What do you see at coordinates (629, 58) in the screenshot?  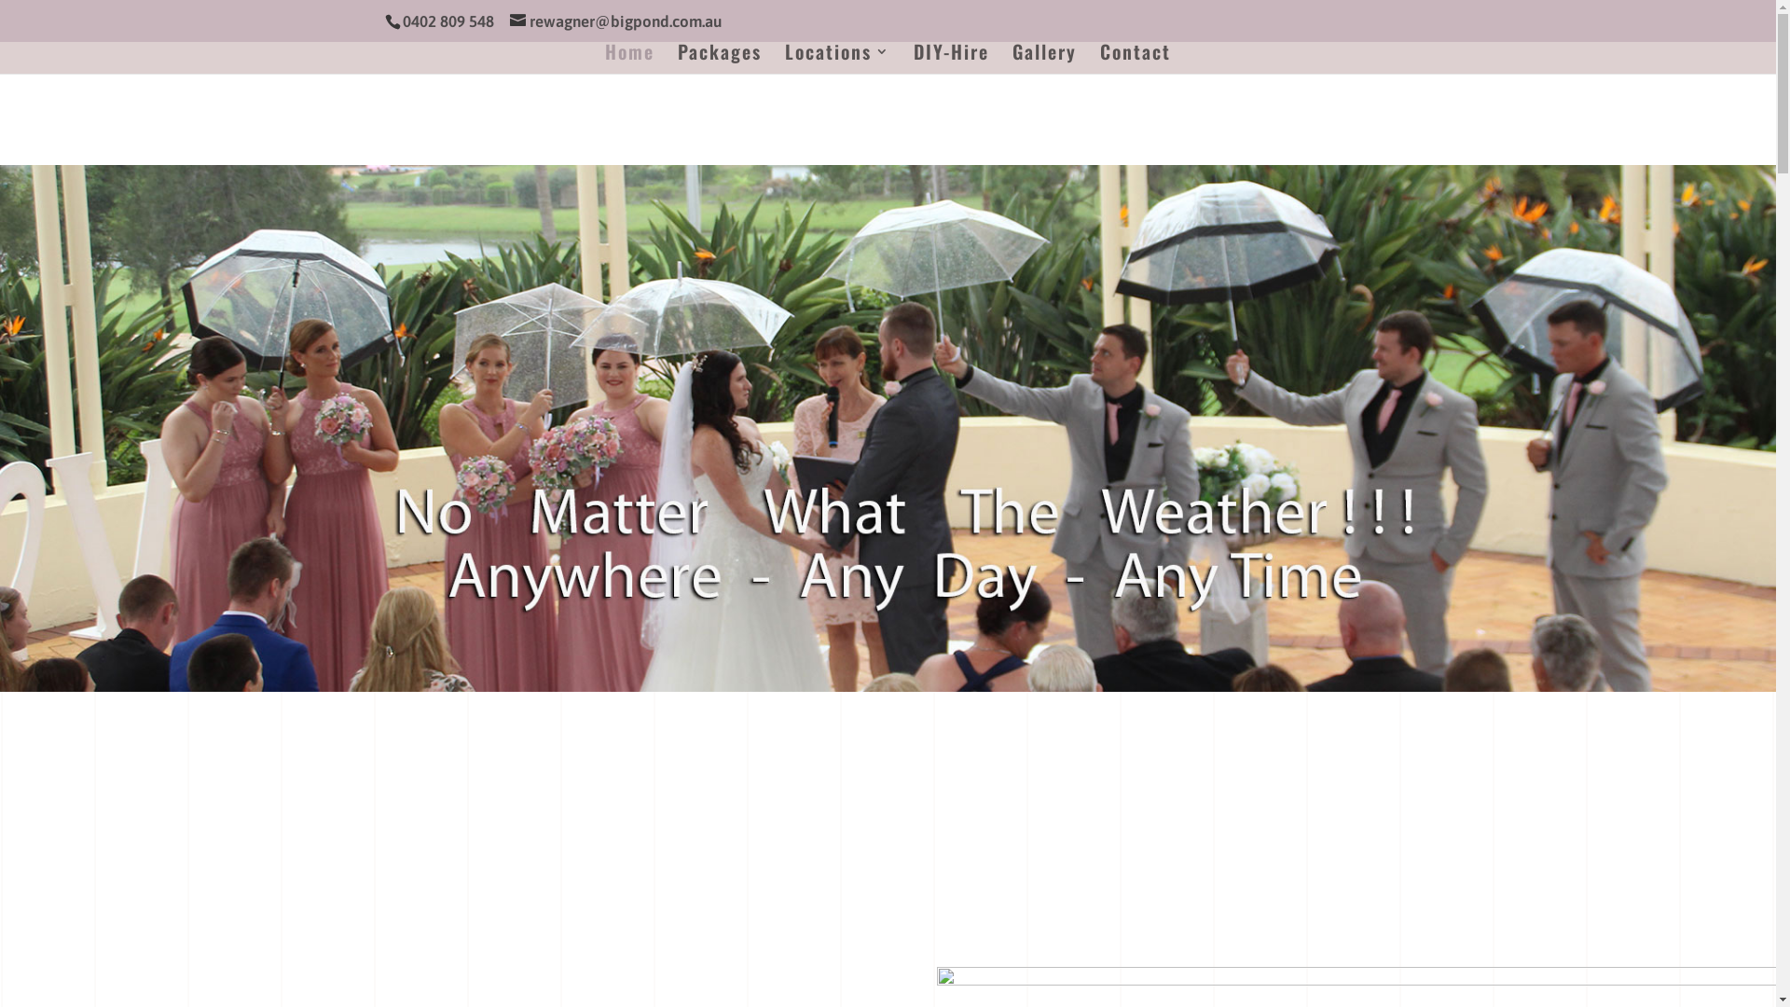 I see `'Home'` at bounding box center [629, 58].